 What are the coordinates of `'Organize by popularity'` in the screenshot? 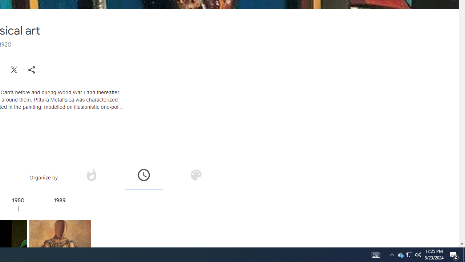 It's located at (90, 175).